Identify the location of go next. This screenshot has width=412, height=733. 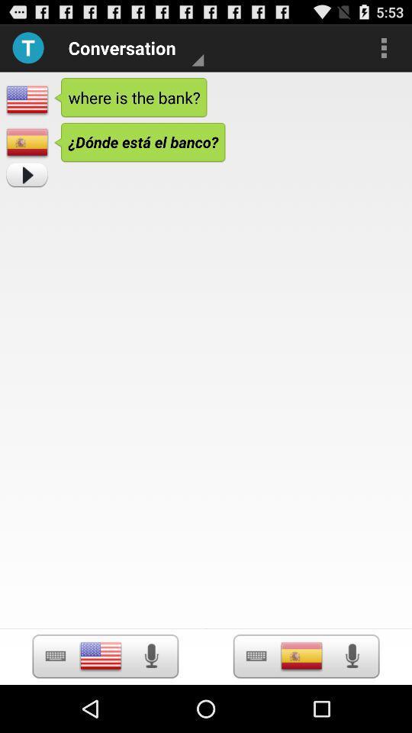
(27, 175).